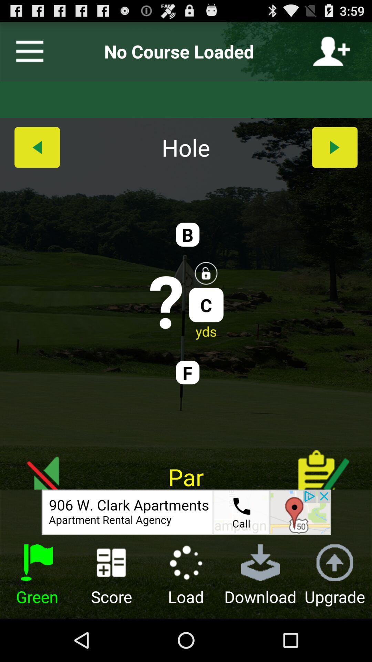 The image size is (372, 662). Describe the element at coordinates (48, 464) in the screenshot. I see `switch mute option` at that location.